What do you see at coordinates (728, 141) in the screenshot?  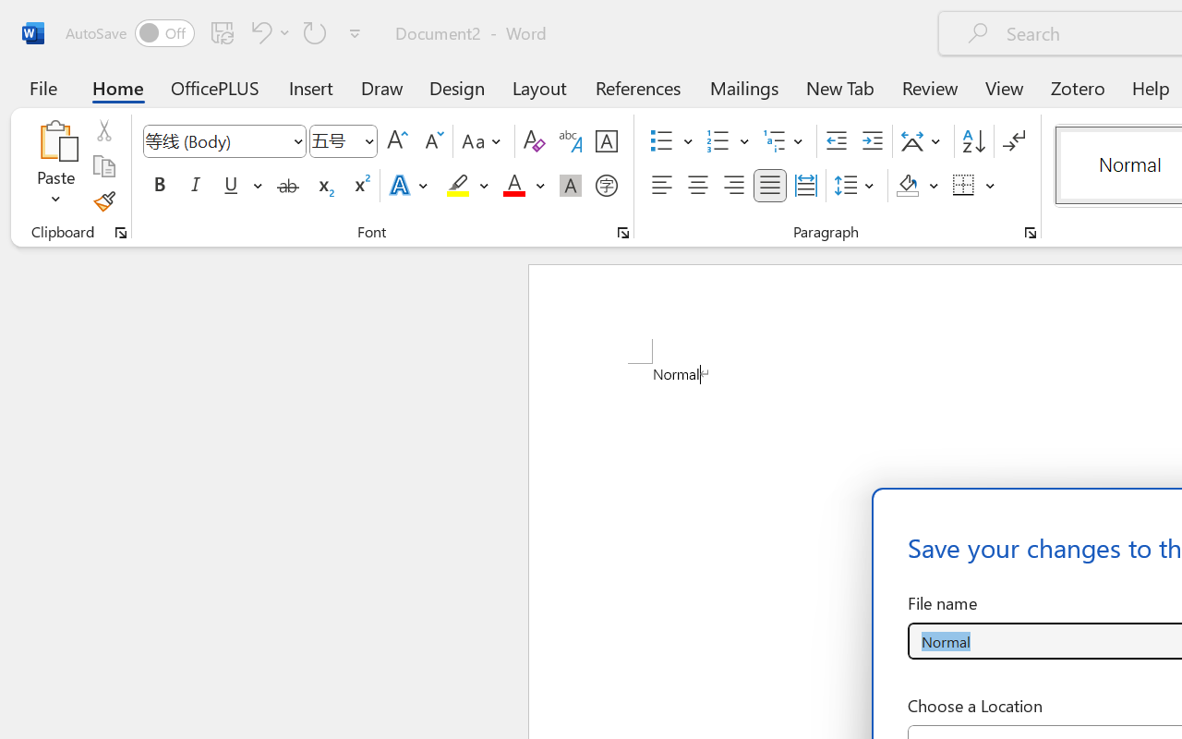 I see `'Numbering'` at bounding box center [728, 141].